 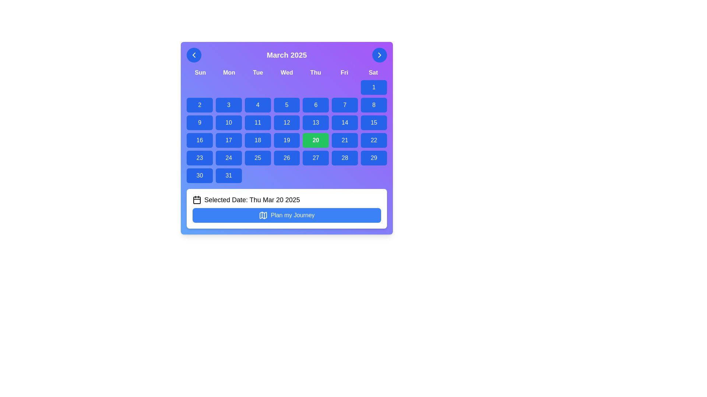 I want to click on the button representing the 15th day of March 2025 in the calendar, so click(x=374, y=122).